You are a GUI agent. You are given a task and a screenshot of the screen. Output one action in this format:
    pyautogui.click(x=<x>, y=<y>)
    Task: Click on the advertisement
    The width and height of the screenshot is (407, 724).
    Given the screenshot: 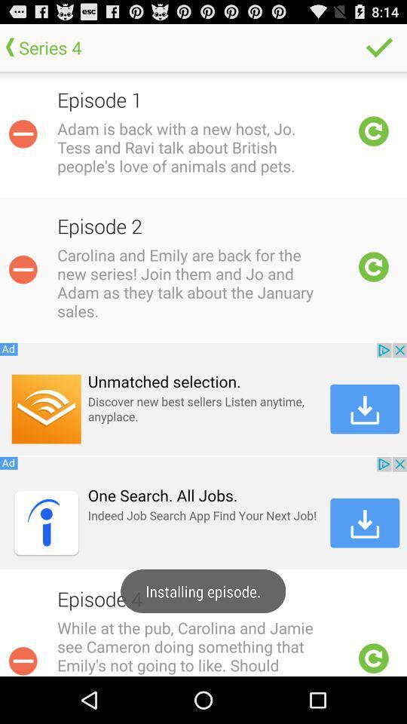 What is the action you would take?
    pyautogui.click(x=203, y=398)
    